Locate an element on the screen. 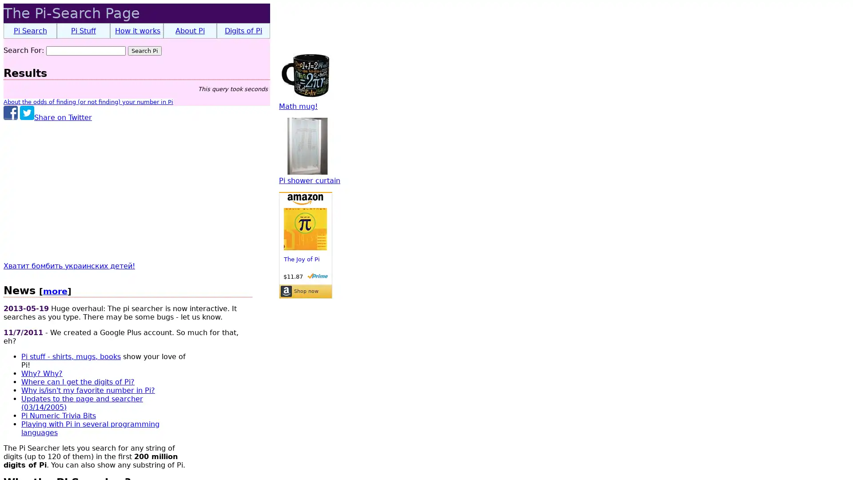 This screenshot has width=853, height=480. Search Pi is located at coordinates (145, 51).